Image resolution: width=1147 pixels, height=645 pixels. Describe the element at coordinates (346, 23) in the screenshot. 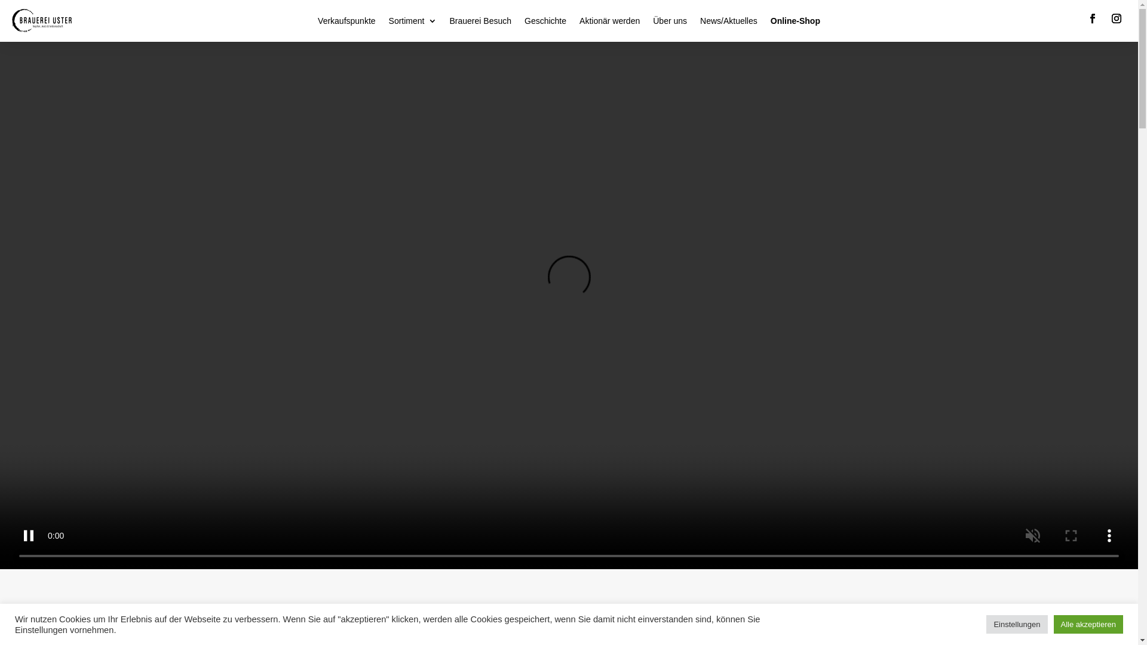

I see `'Verkaufspunkte'` at that location.